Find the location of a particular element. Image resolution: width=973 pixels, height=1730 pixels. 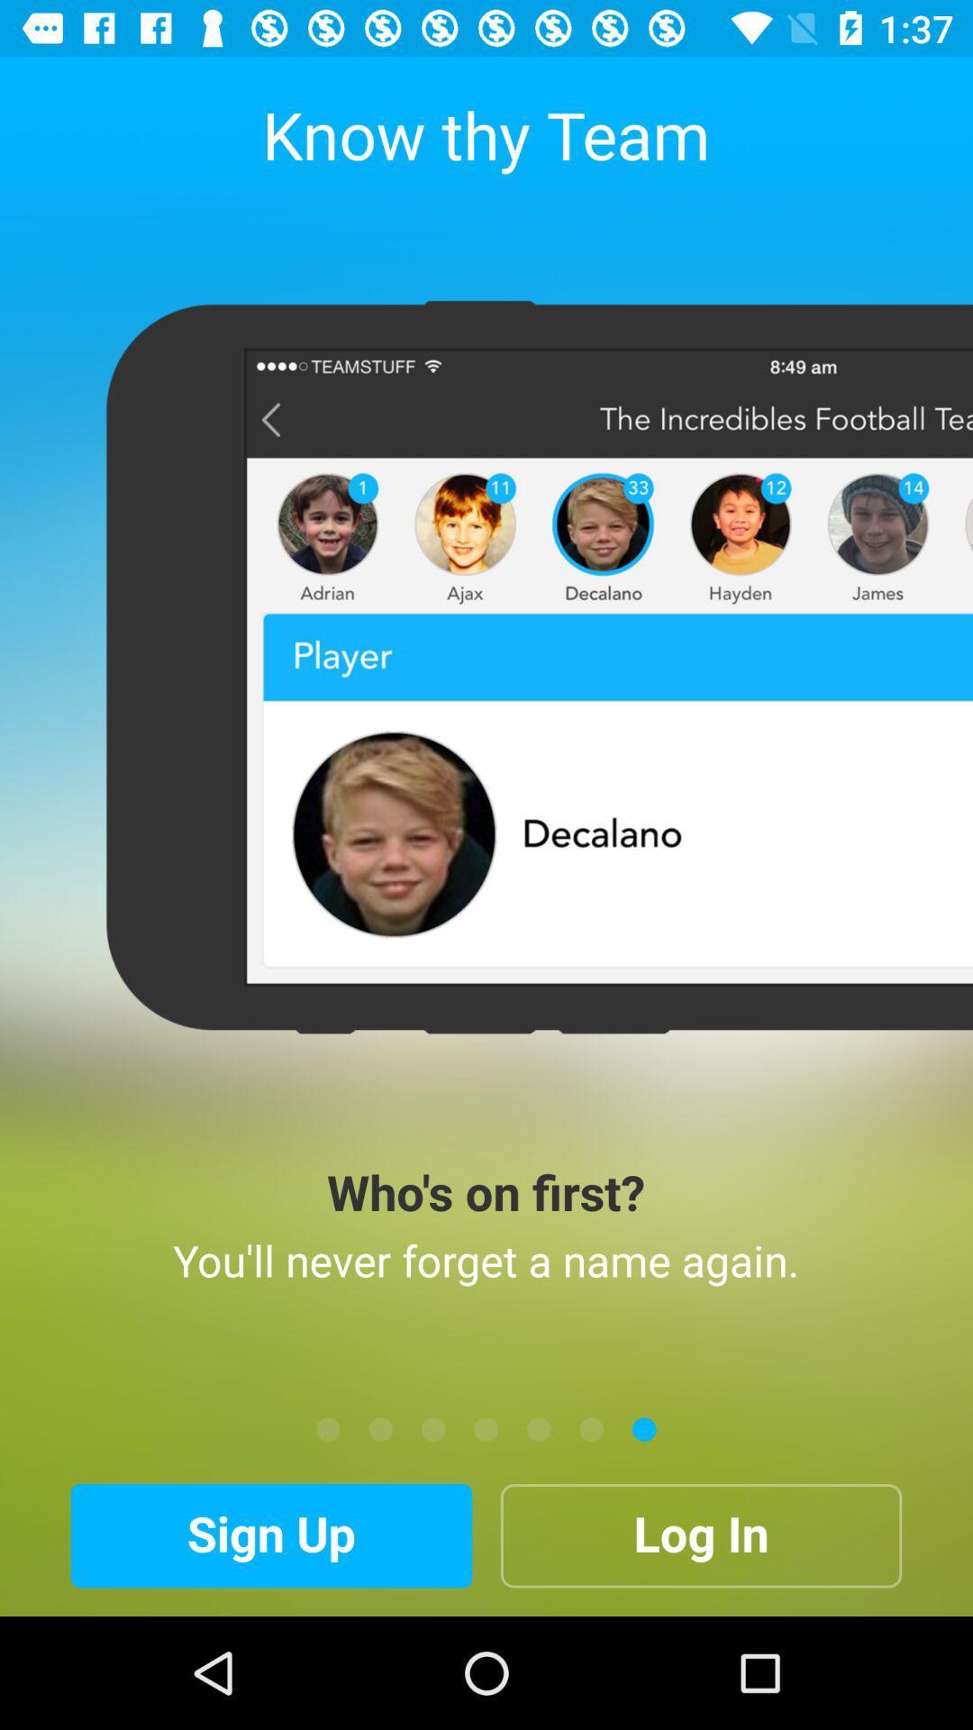

next page is located at coordinates (433, 1428).